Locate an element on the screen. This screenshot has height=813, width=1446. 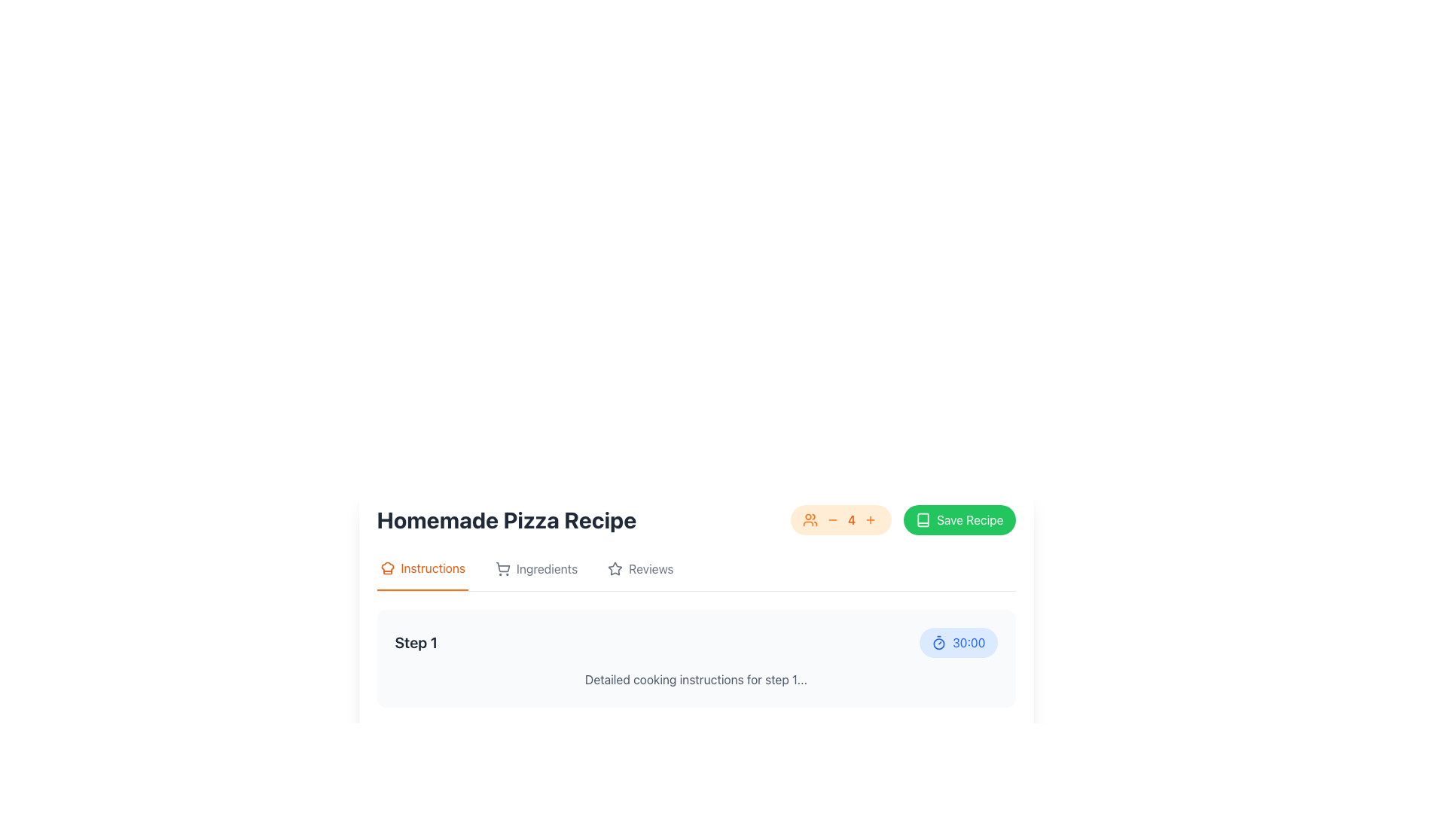
the 'Instructions' tab, which is the first tab in the navigation bar below the title 'Homemade Pizza Recipe', featuring an orange border and a chef hat icon is located at coordinates (422, 574).